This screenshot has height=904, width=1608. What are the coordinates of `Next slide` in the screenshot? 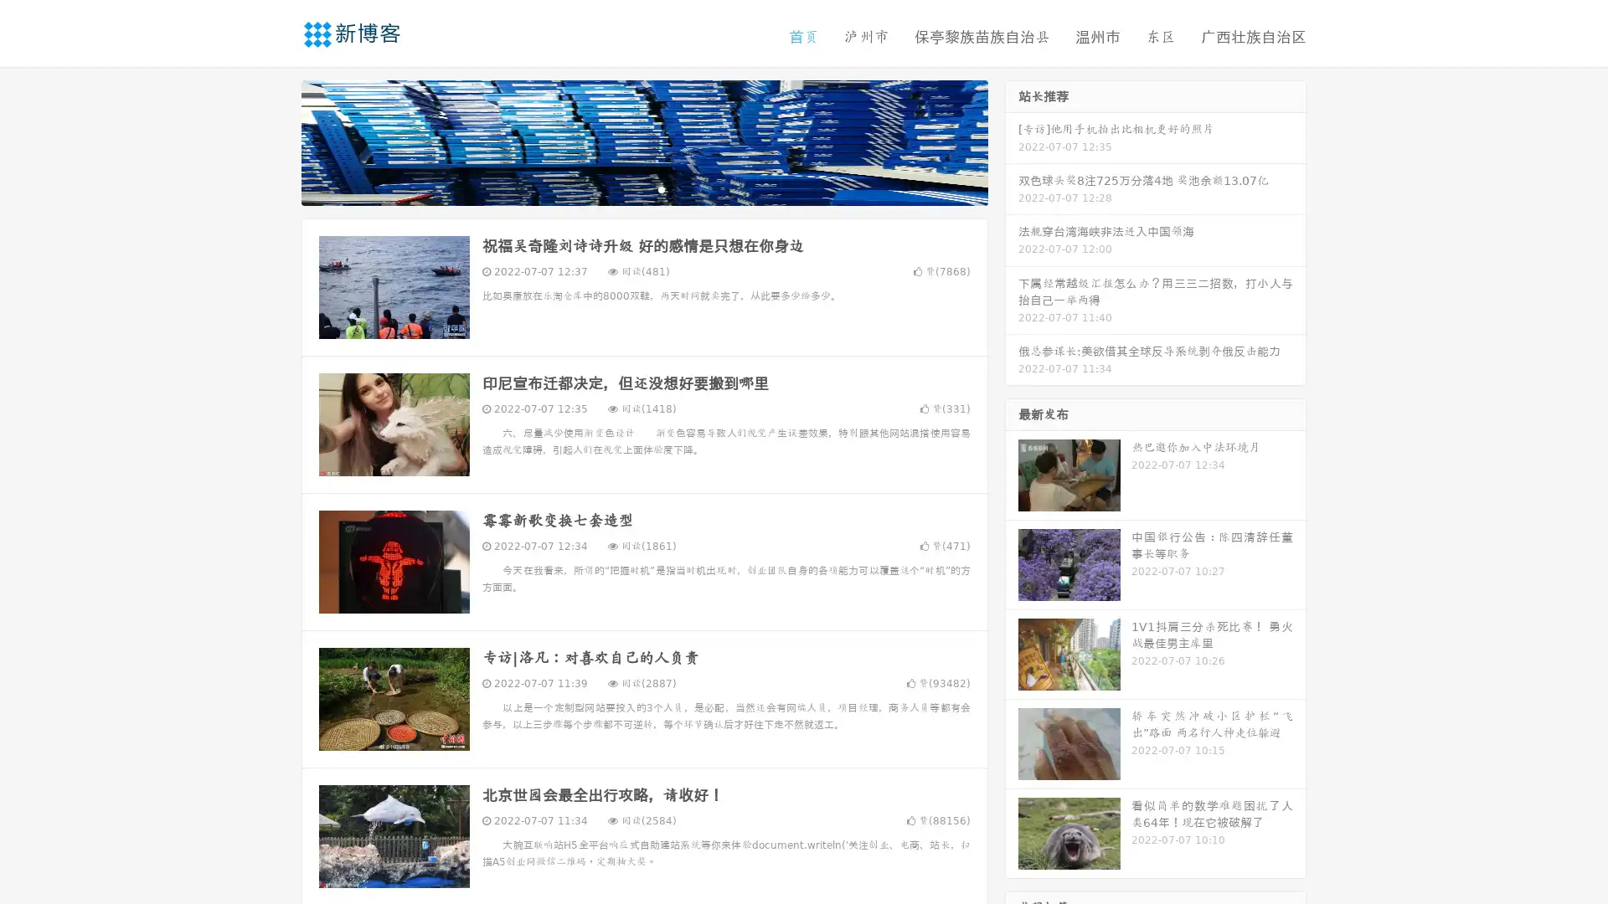 It's located at (1012, 141).